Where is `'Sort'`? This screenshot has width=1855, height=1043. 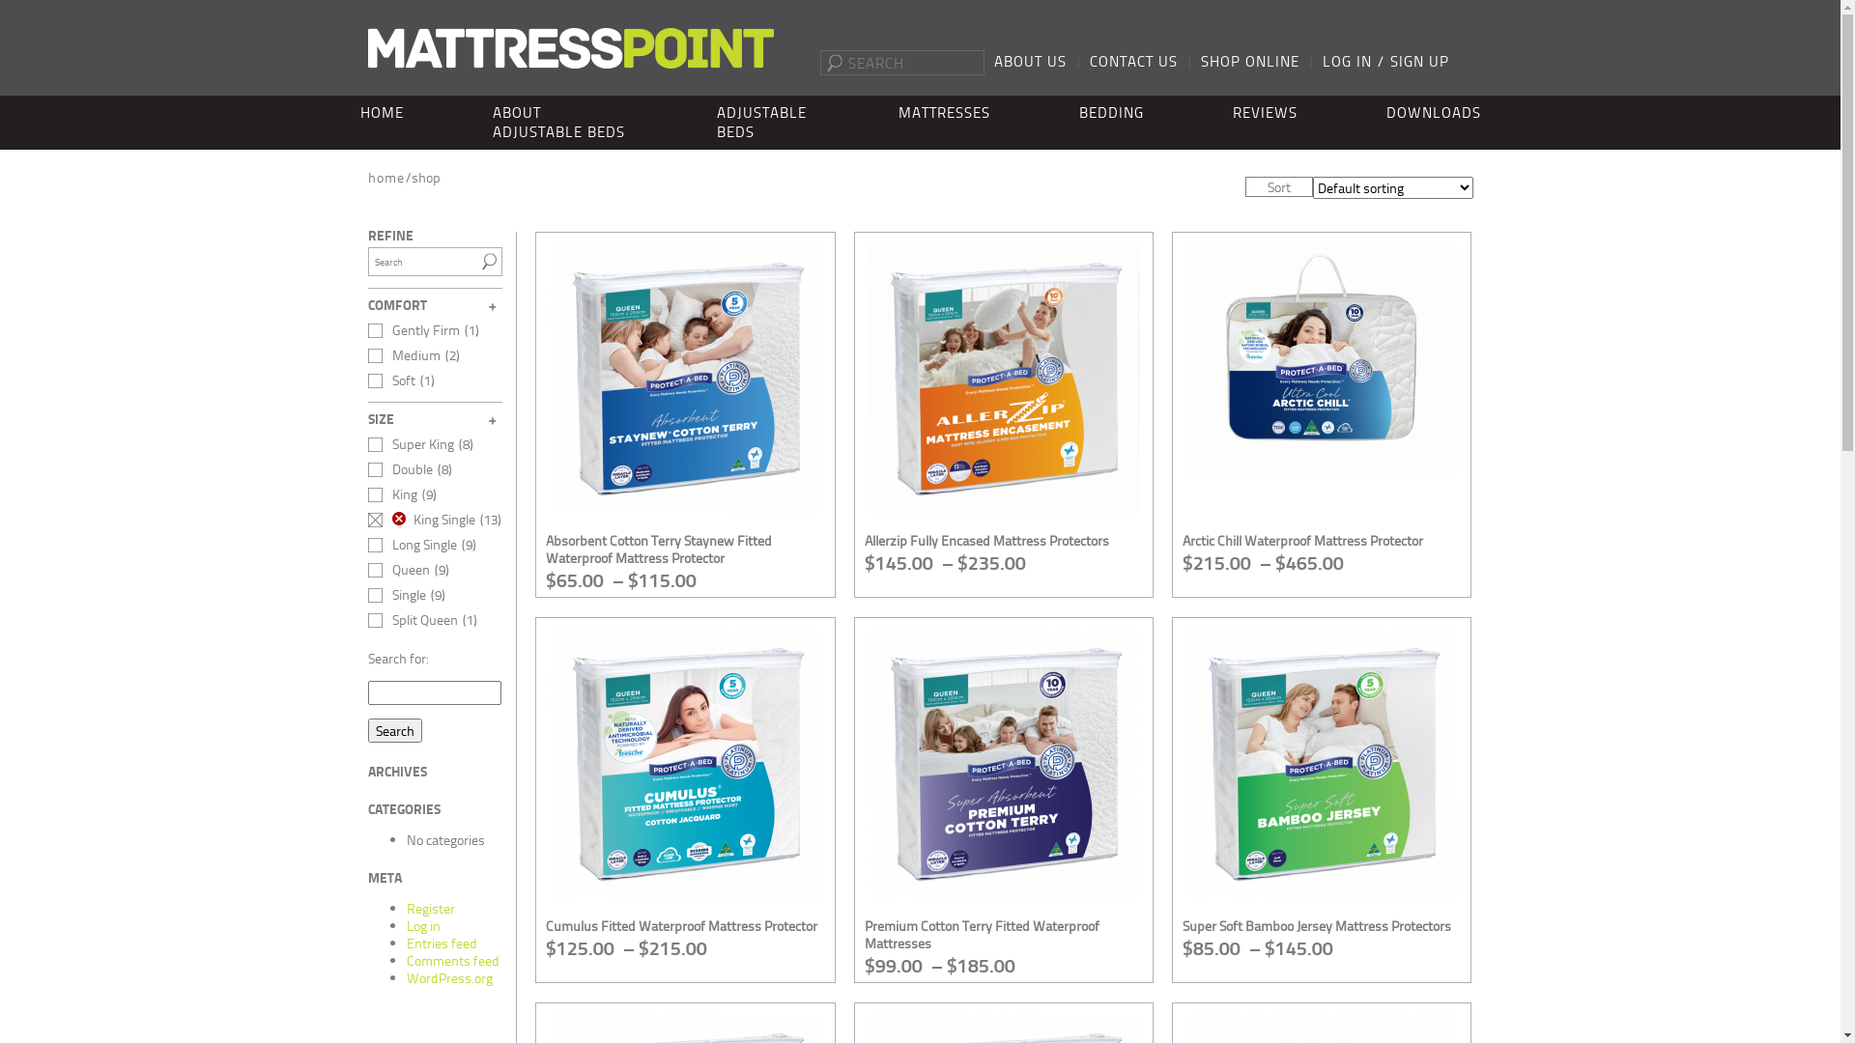
'Sort' is located at coordinates (1243, 186).